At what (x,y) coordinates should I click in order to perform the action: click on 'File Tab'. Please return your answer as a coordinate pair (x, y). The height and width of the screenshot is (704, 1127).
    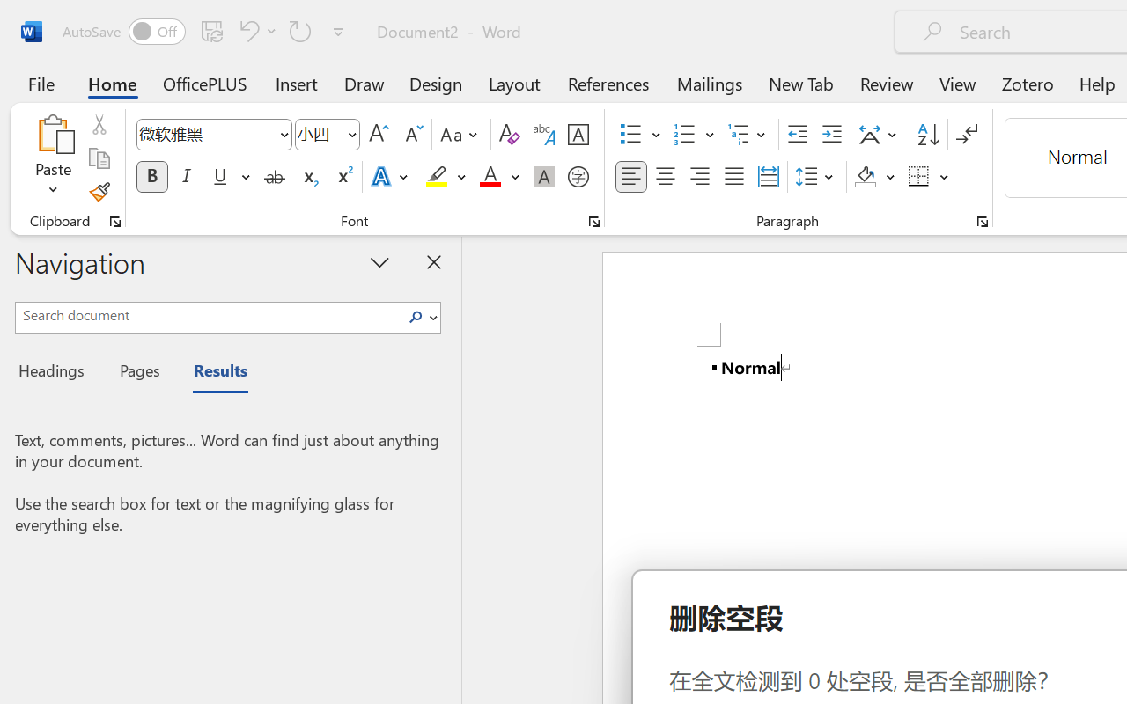
    Looking at the image, I should click on (41, 83).